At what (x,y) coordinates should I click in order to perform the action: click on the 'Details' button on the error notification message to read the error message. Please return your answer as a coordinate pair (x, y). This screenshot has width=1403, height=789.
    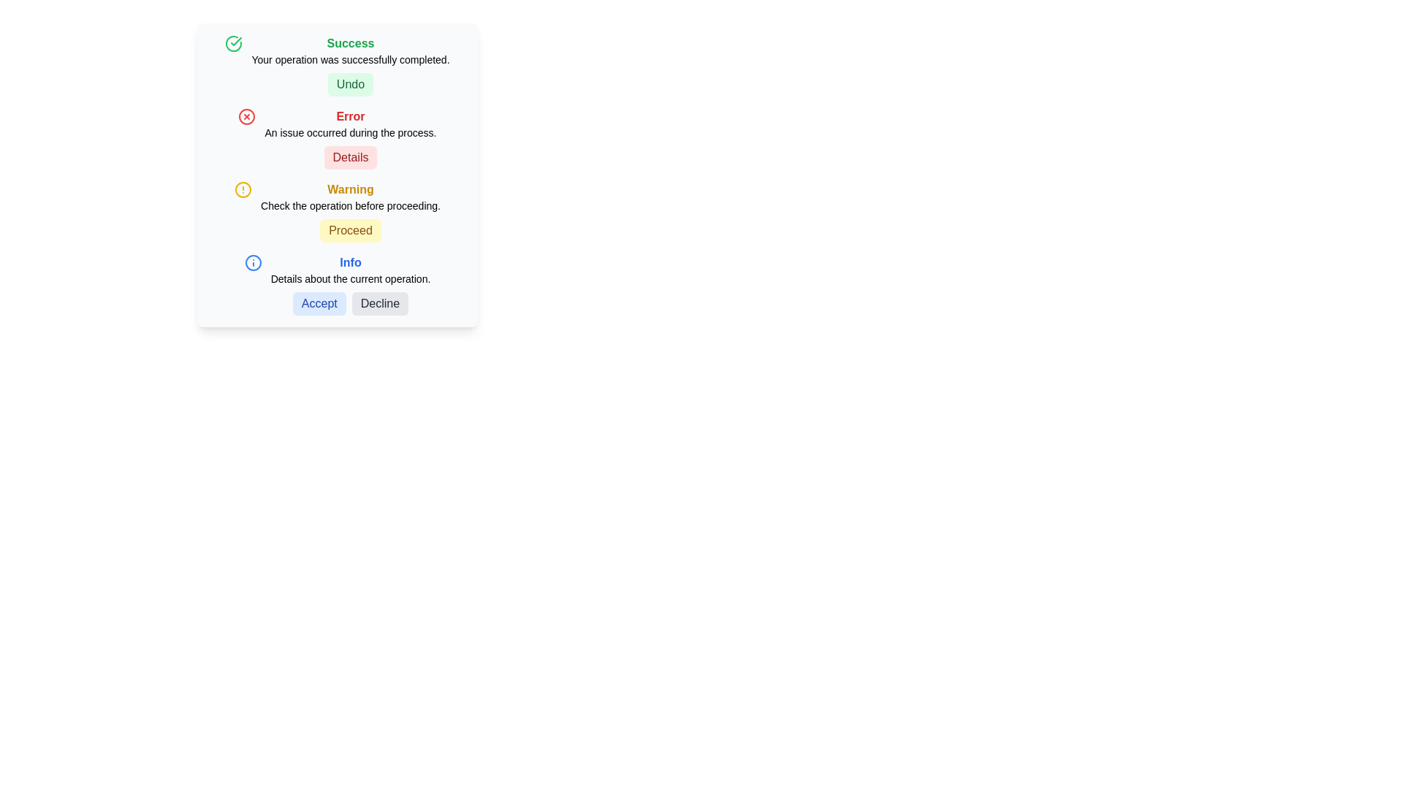
    Looking at the image, I should click on (336, 138).